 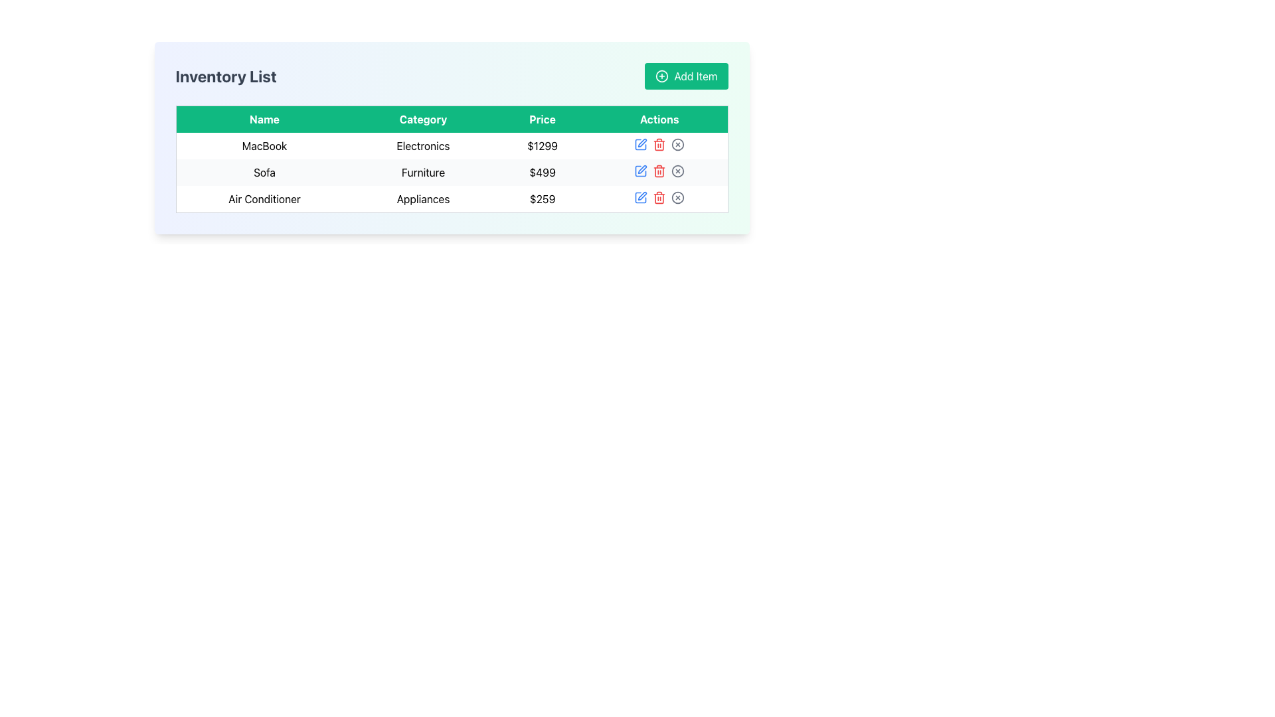 I want to click on the delete action button for the 'Air Conditioner' item, which is the third action icon in the last row of the table in the 'Actions' column, so click(x=659, y=197).